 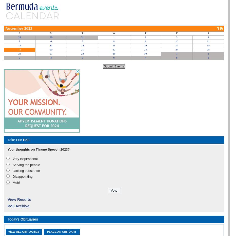 I want to click on 'Lacking substance', so click(x=26, y=170).